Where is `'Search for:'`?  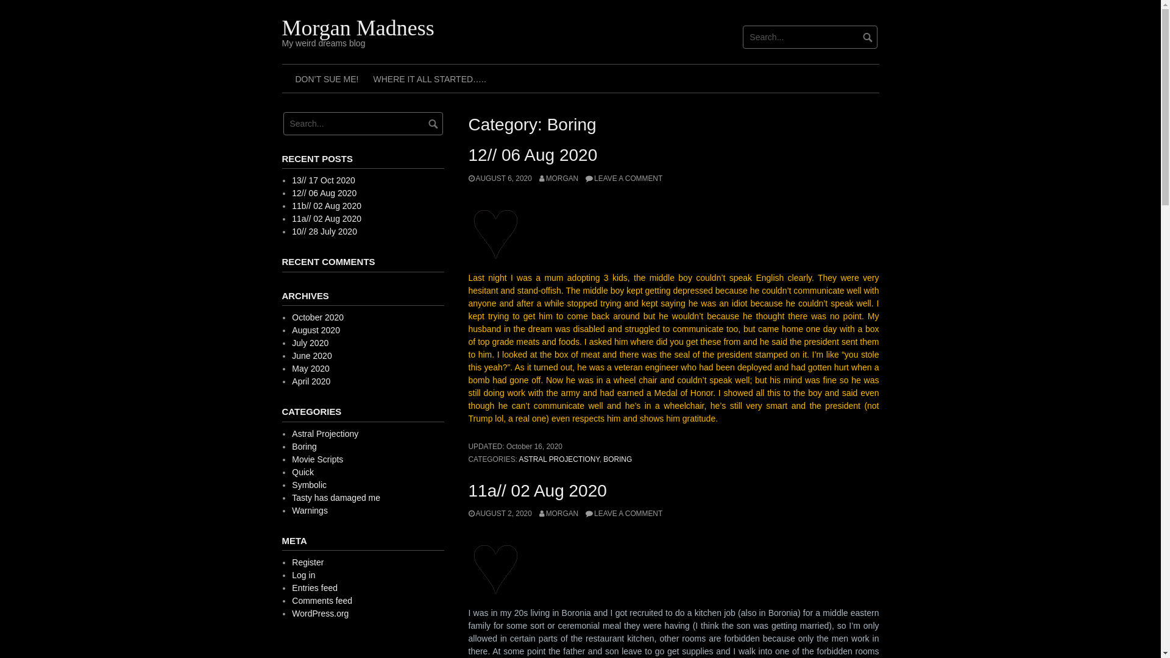
'Search for:' is located at coordinates (742, 37).